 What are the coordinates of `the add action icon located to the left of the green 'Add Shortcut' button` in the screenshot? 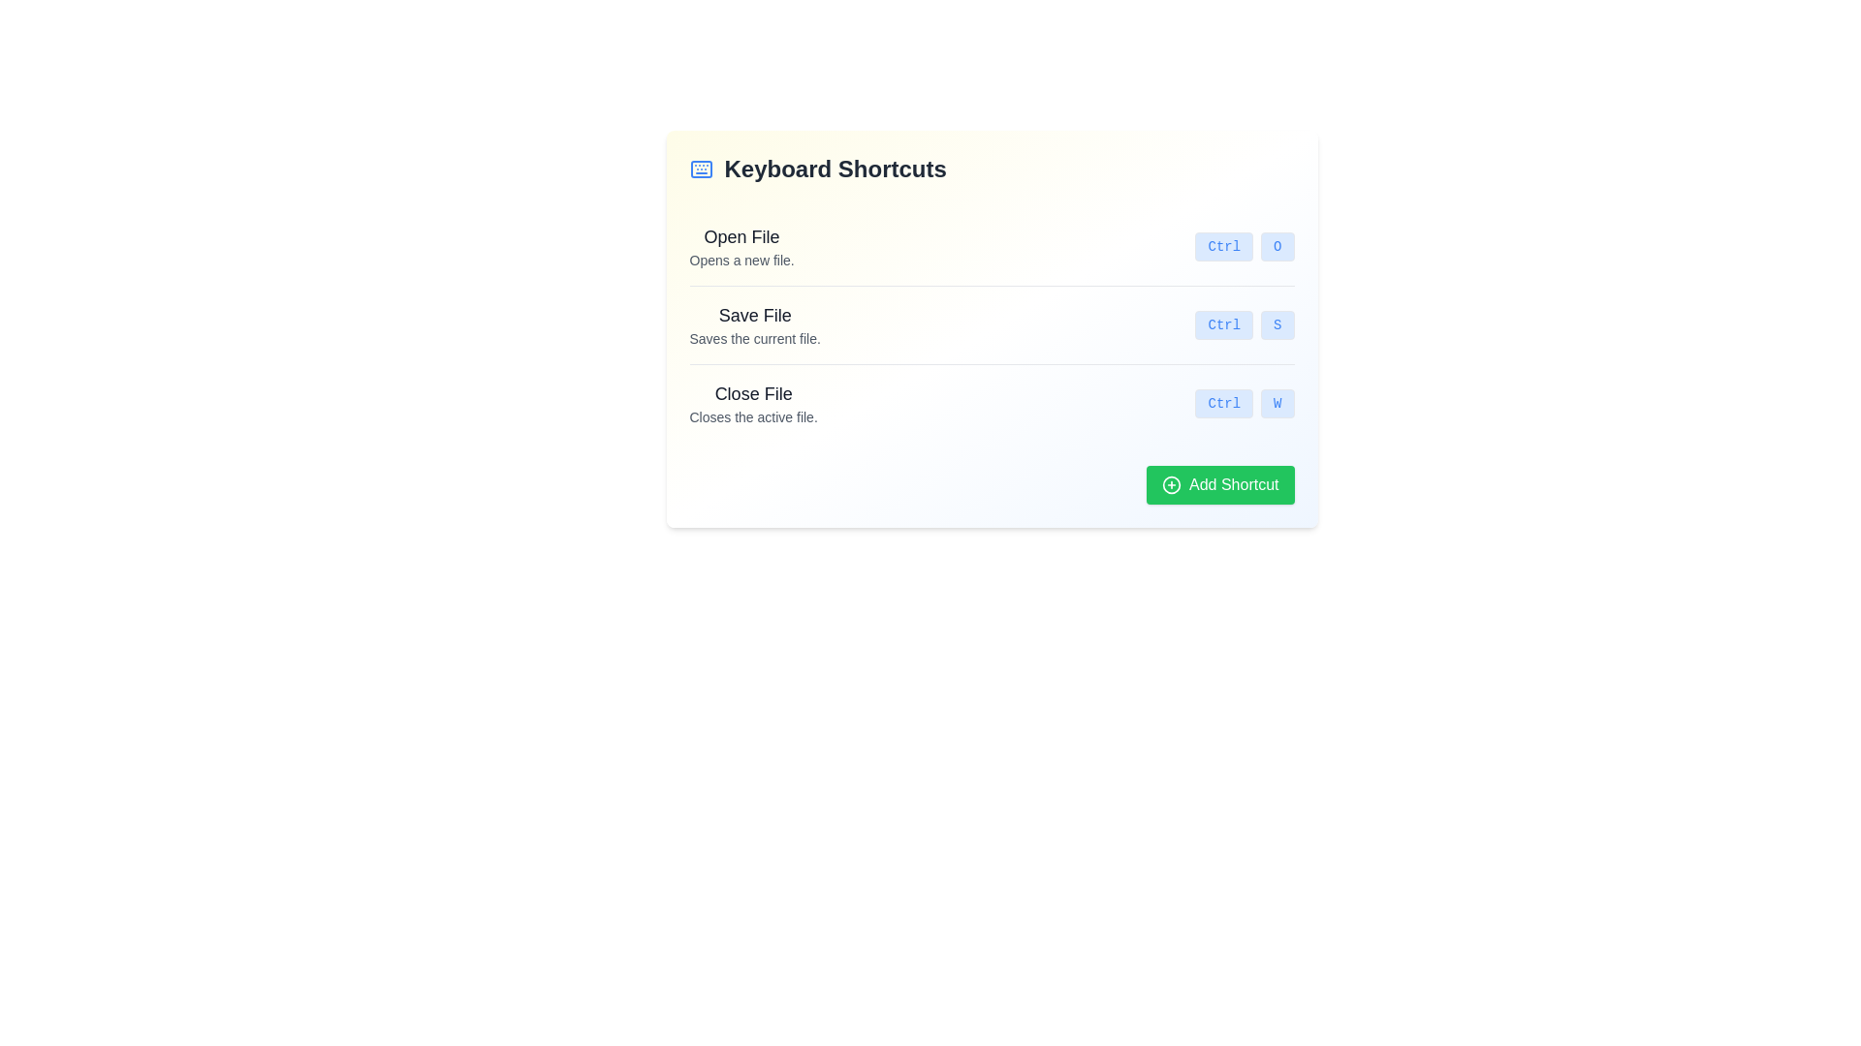 It's located at (1171, 484).